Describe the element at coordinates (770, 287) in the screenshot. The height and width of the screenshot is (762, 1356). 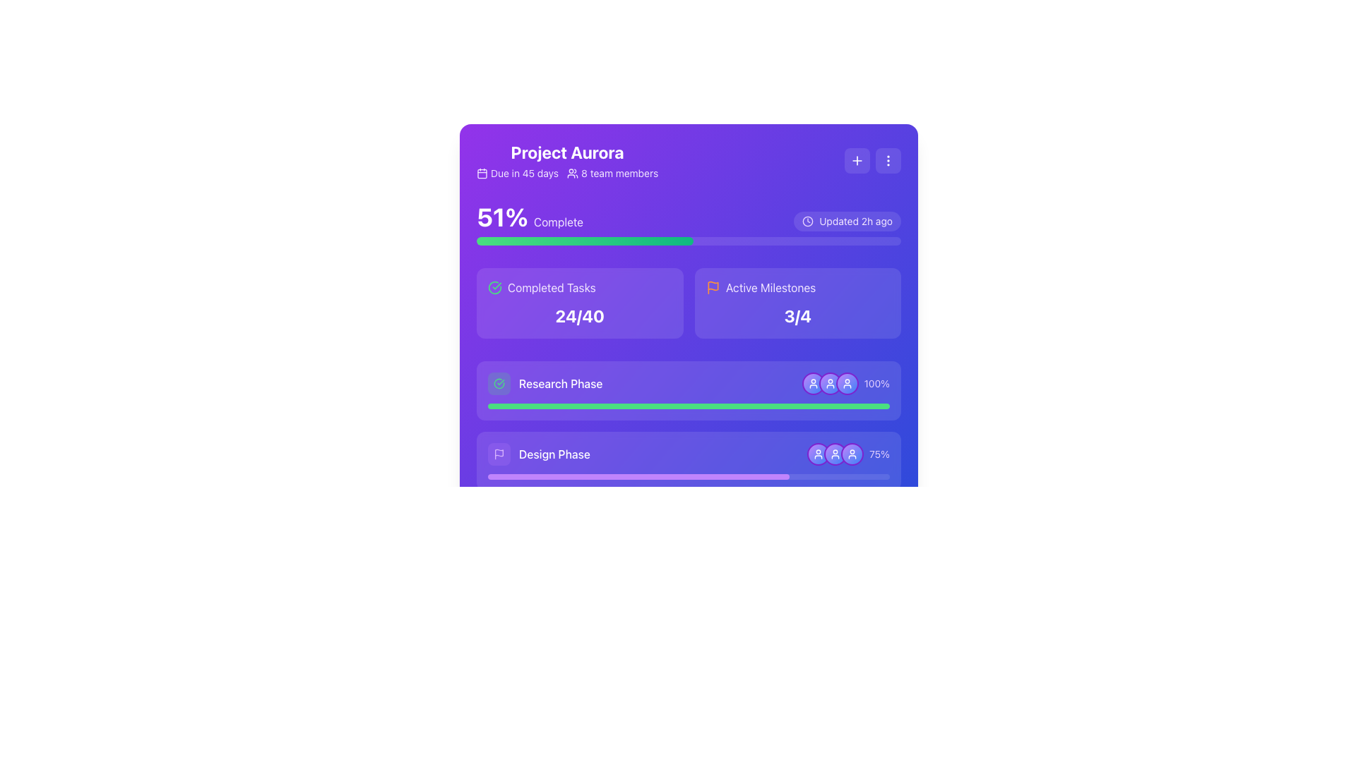
I see `the text label displaying 'Active Milestones' that is styled in light purple and positioned within a purple background card, located in the right section of the layout` at that location.